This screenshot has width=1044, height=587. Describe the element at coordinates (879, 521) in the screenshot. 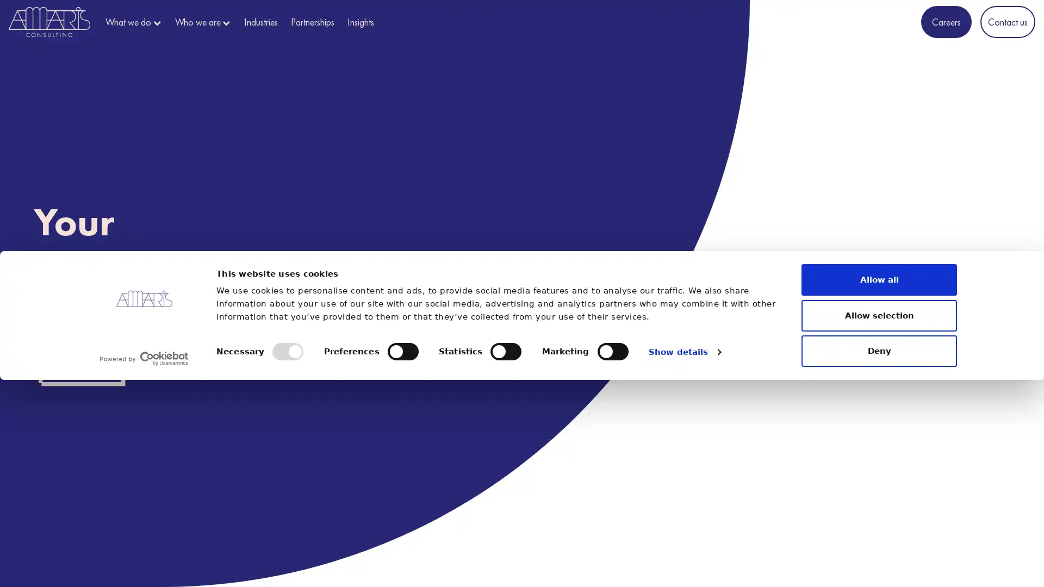

I see `Allow selection` at that location.